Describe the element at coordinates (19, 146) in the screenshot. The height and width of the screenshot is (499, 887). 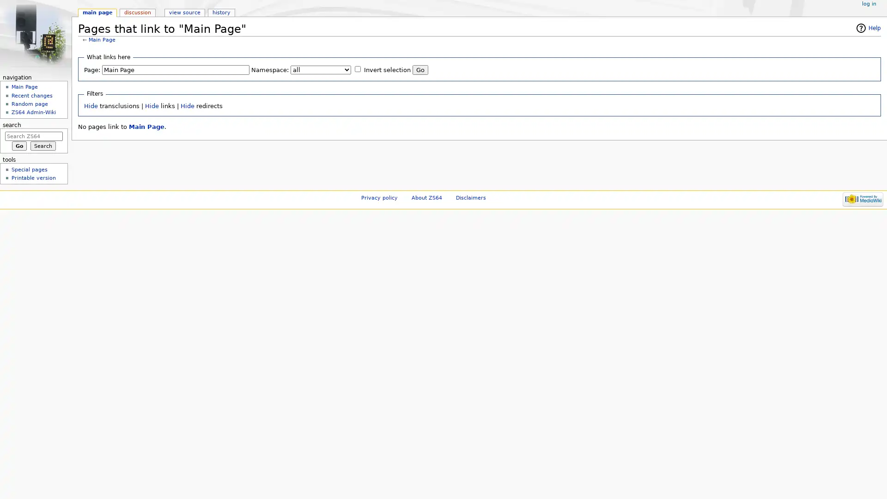
I see `Go` at that location.